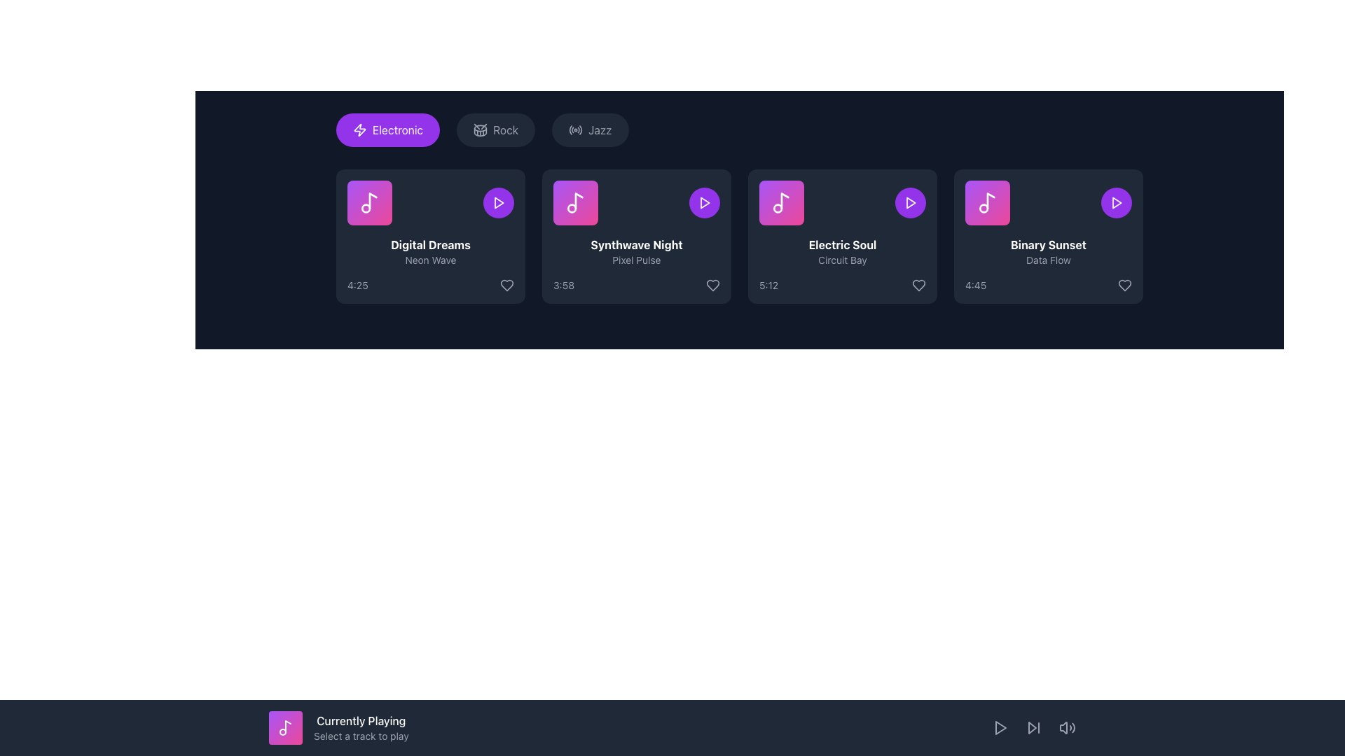  Describe the element at coordinates (285, 727) in the screenshot. I see `the circular icon button with a gradient background from purple to pink and a white music note icon in its center` at that location.